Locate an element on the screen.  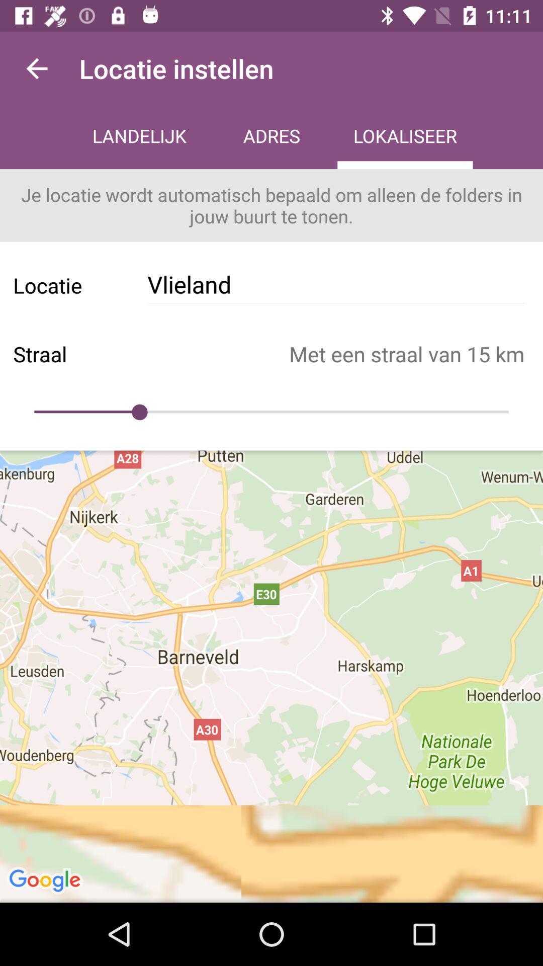
item to the left of the lokaliseer item is located at coordinates (271, 137).